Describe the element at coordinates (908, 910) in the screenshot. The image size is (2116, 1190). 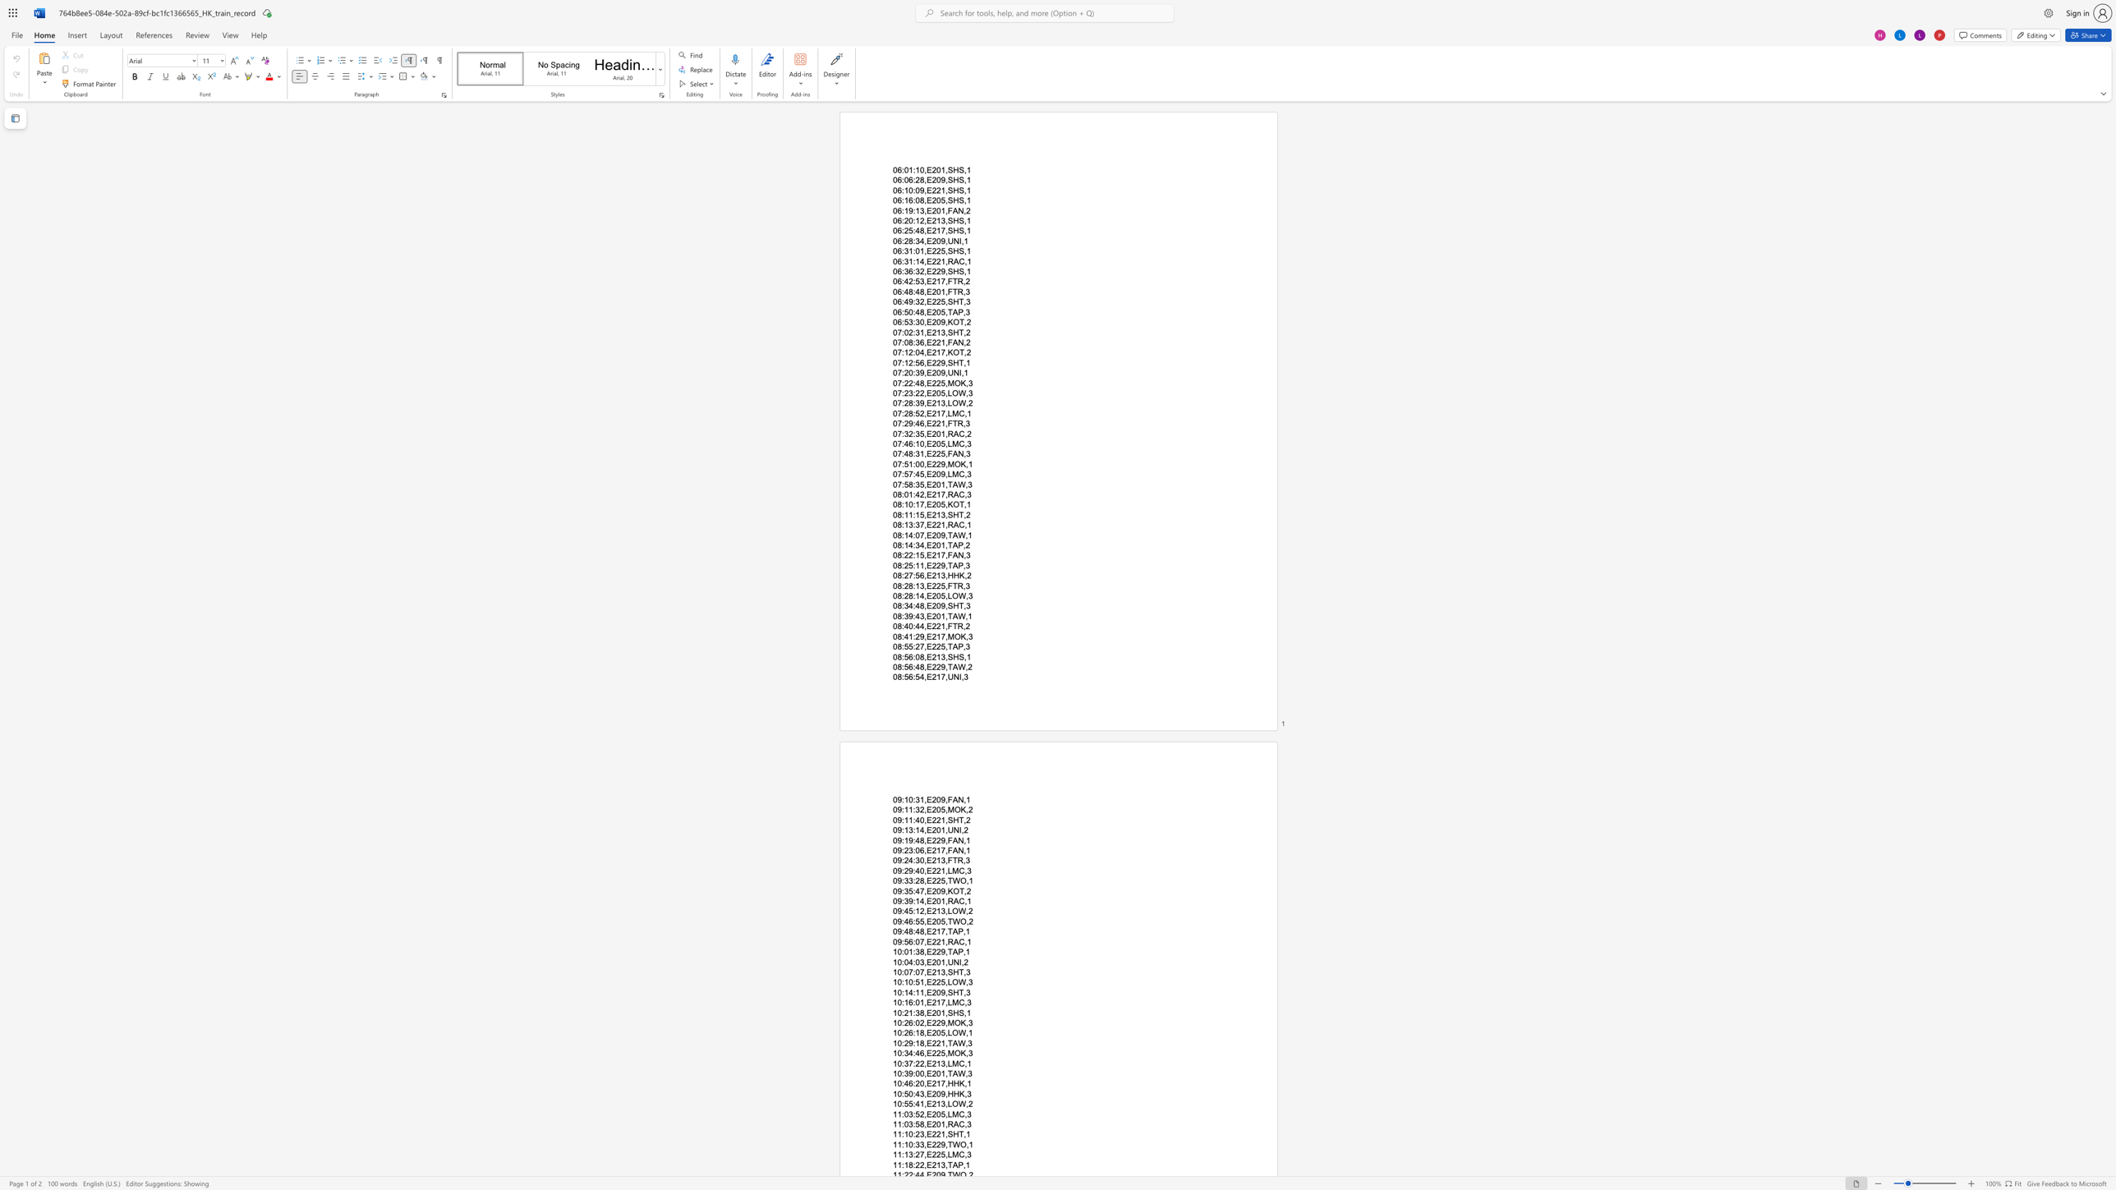
I see `the subset text "5:12,E213," within the text "09:45:12,E213,LOW,2"` at that location.